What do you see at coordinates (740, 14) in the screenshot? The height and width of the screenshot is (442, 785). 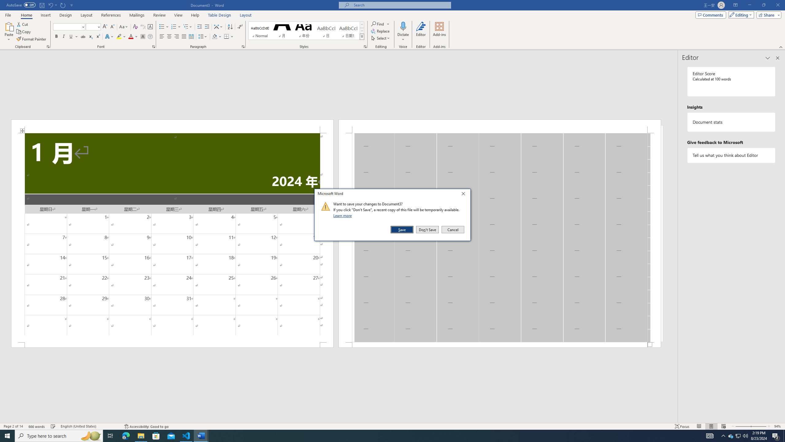 I see `'Mode'` at bounding box center [740, 14].